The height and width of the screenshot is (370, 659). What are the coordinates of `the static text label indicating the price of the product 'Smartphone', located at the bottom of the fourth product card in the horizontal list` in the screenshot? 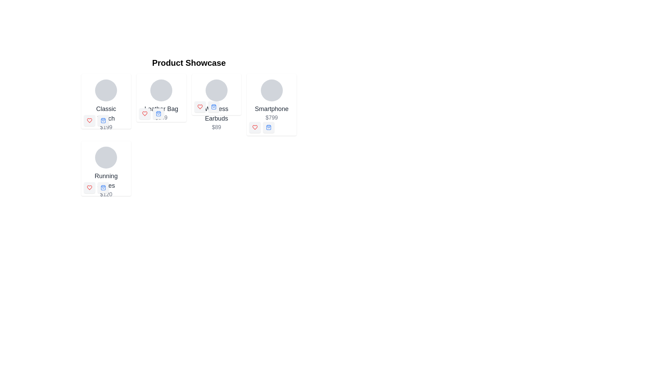 It's located at (271, 117).